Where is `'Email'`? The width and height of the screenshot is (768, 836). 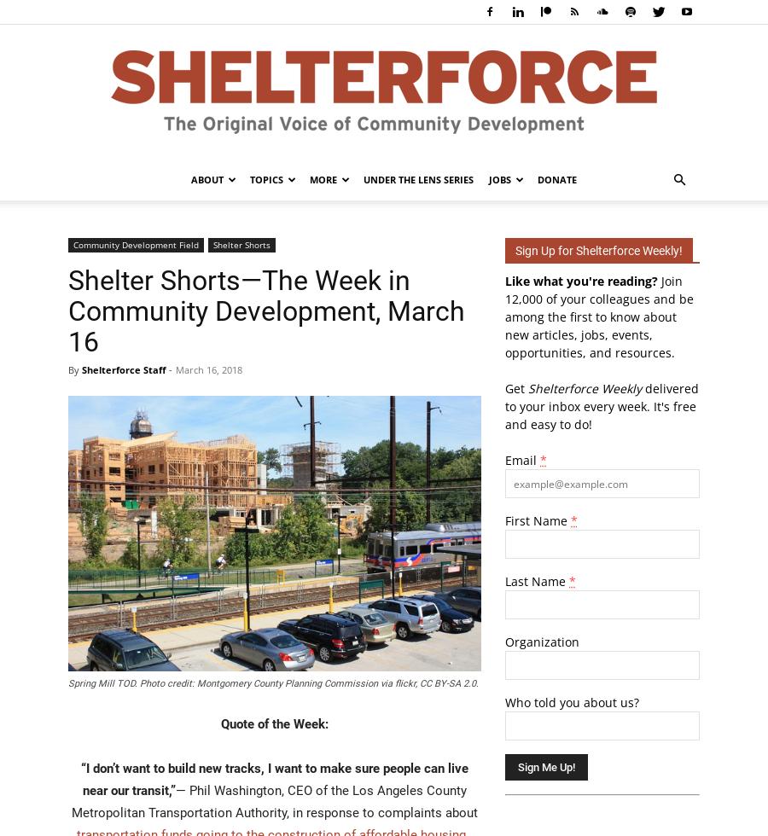 'Email' is located at coordinates (522, 460).